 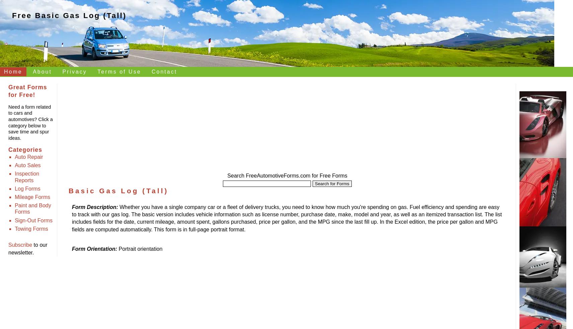 I want to click on 'to our newsletter.', so click(x=27, y=248).